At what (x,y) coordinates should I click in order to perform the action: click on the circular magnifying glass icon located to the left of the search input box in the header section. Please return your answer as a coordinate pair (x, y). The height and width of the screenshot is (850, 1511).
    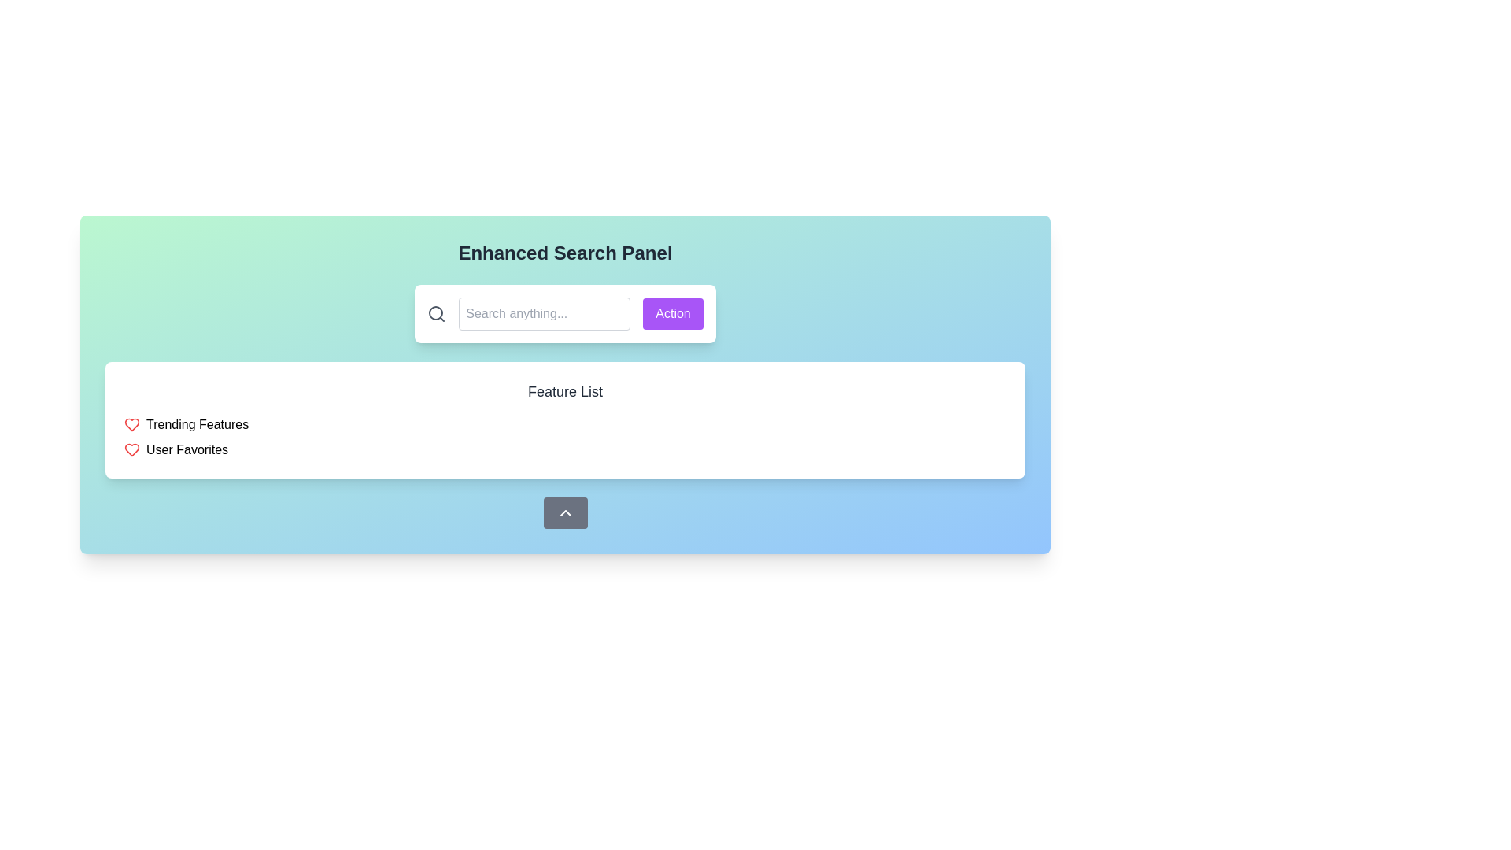
    Looking at the image, I should click on (436, 312).